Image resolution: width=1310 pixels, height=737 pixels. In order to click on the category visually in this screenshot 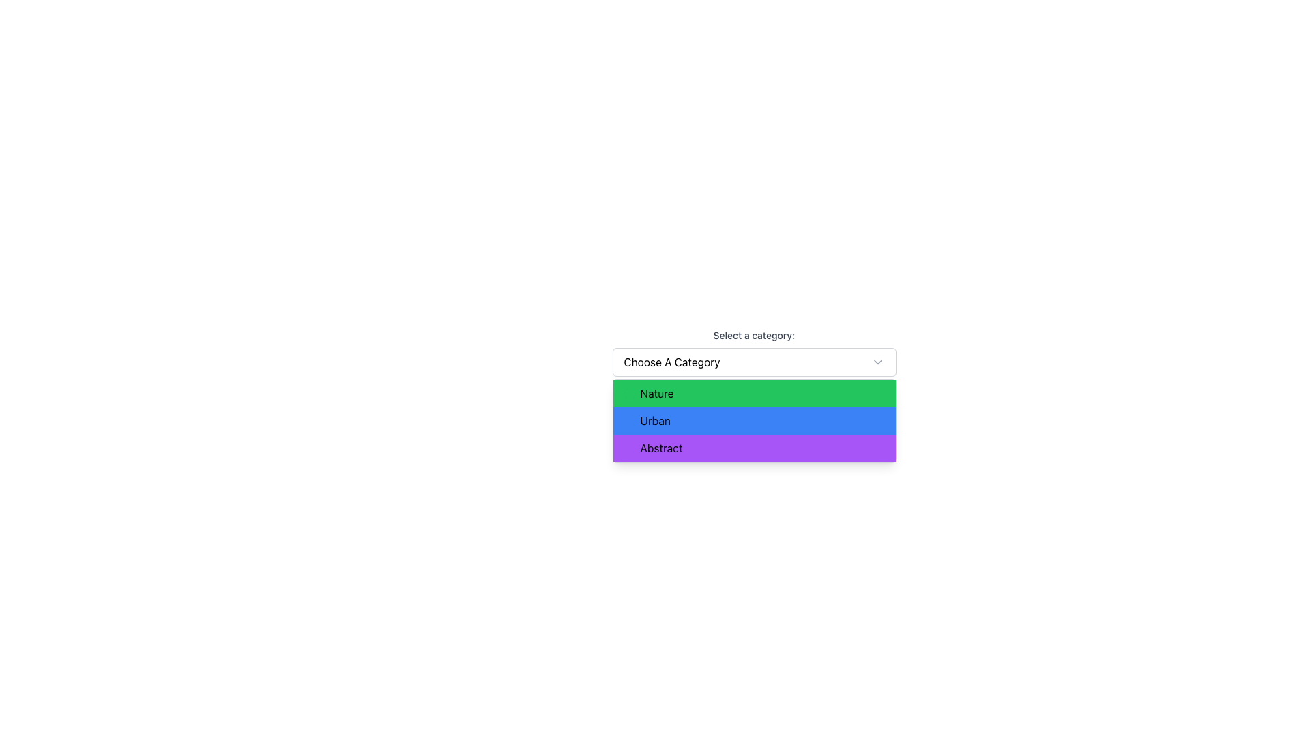, I will do `click(628, 448)`.